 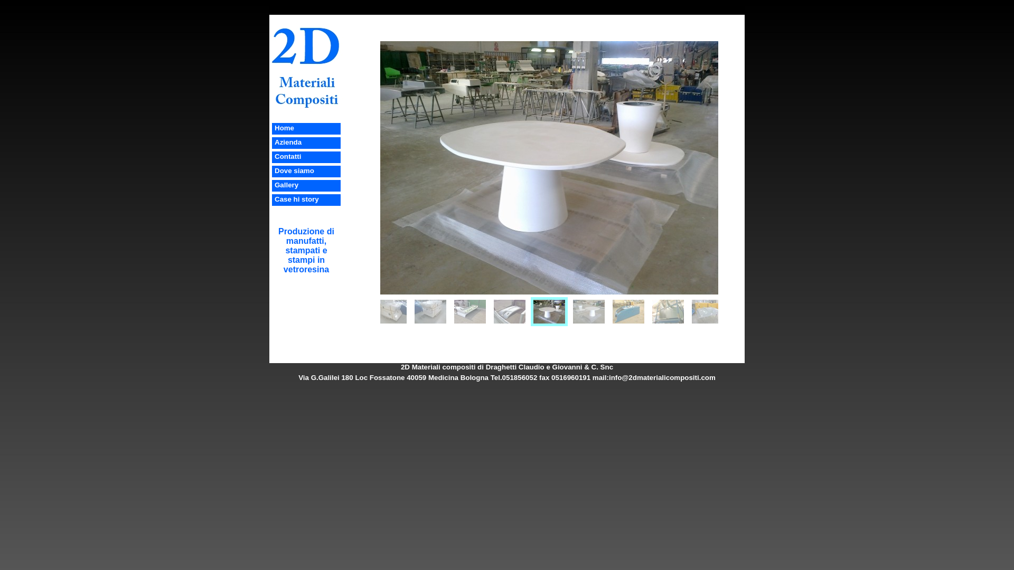 What do you see at coordinates (288, 156) in the screenshot?
I see `'Contatti'` at bounding box center [288, 156].